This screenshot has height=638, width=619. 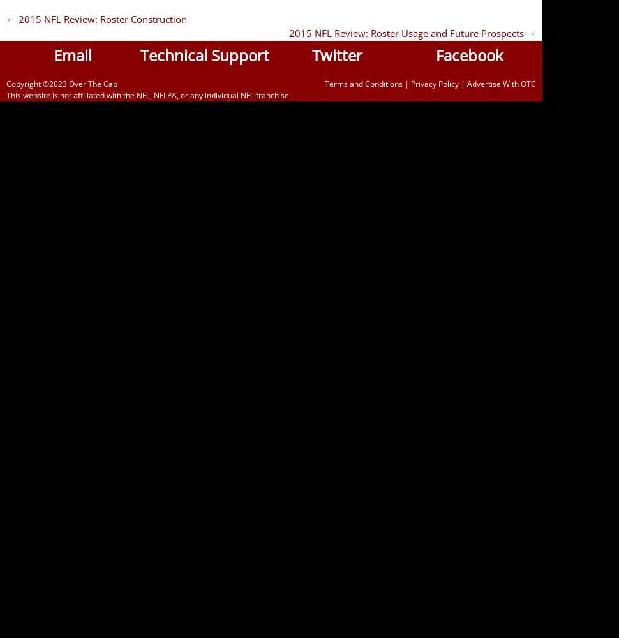 I want to click on 'Terms and Conditions', so click(x=362, y=83).